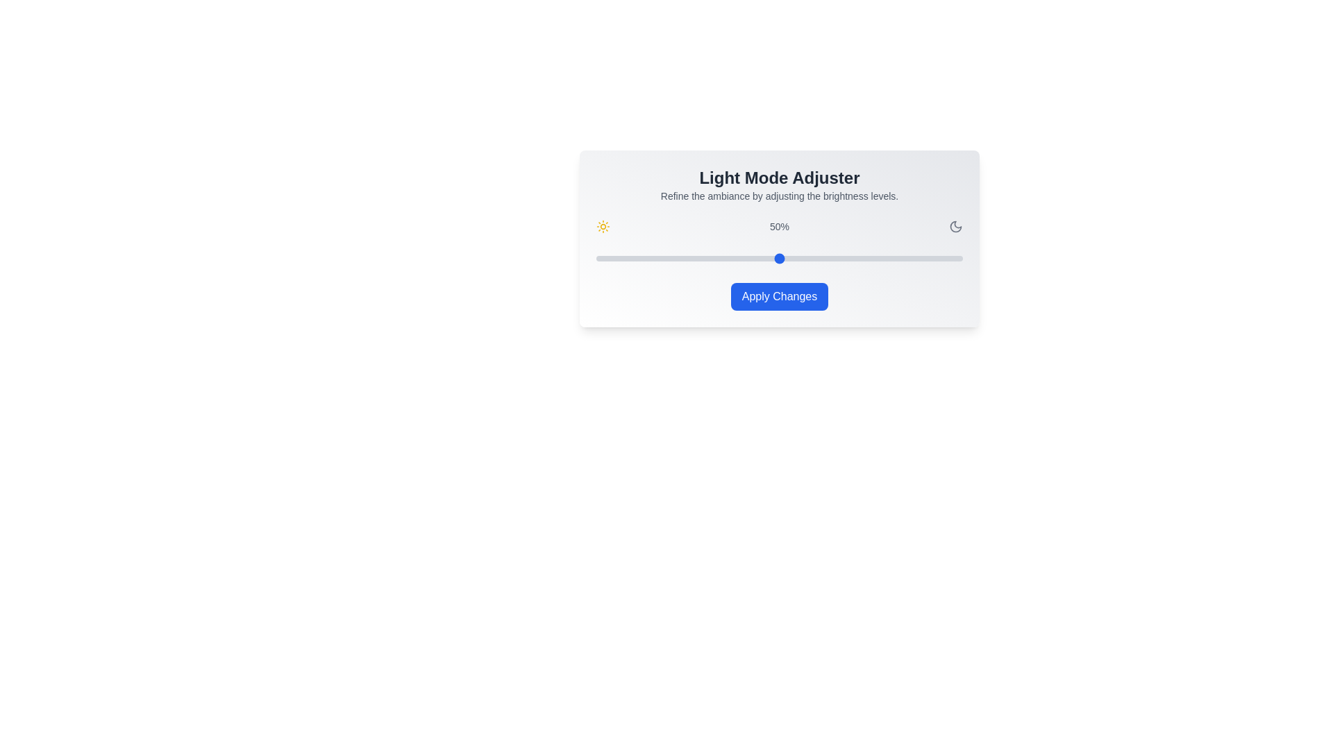  Describe the element at coordinates (812, 259) in the screenshot. I see `the brightness slider to 59%` at that location.